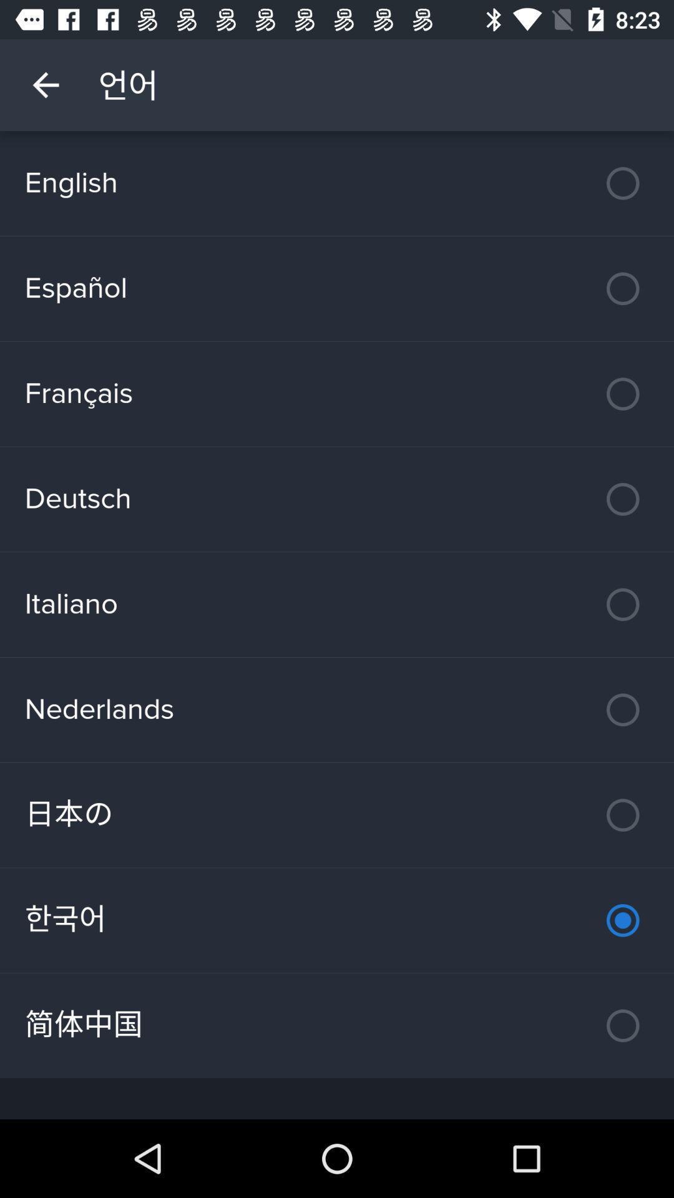 The width and height of the screenshot is (674, 1198). Describe the element at coordinates (337, 182) in the screenshot. I see `the english` at that location.